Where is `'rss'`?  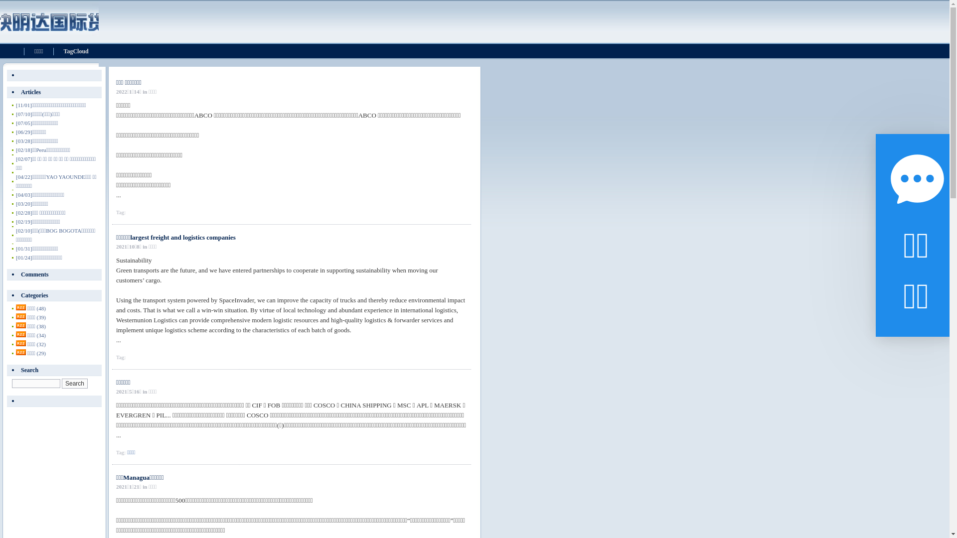
'rss' is located at coordinates (21, 307).